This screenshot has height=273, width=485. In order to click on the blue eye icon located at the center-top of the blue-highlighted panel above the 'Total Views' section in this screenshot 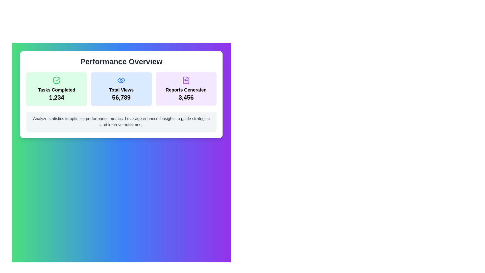, I will do `click(121, 80)`.